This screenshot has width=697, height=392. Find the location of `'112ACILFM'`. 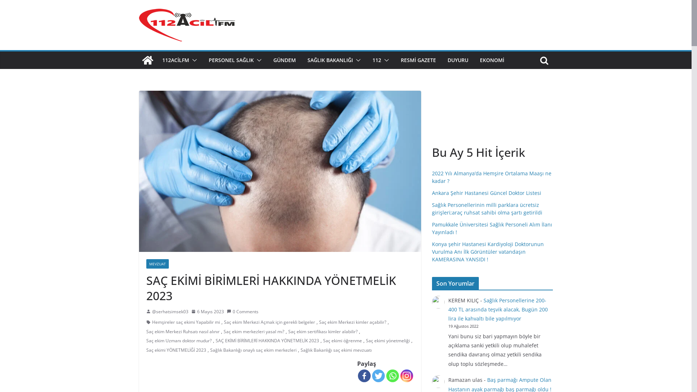

'112ACILFM' is located at coordinates (175, 60).